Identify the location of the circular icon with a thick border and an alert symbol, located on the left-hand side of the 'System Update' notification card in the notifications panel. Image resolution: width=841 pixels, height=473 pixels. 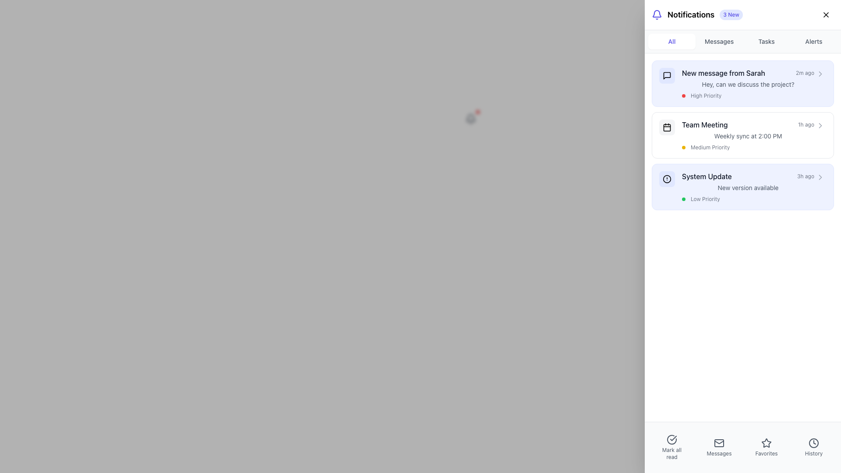
(666, 178).